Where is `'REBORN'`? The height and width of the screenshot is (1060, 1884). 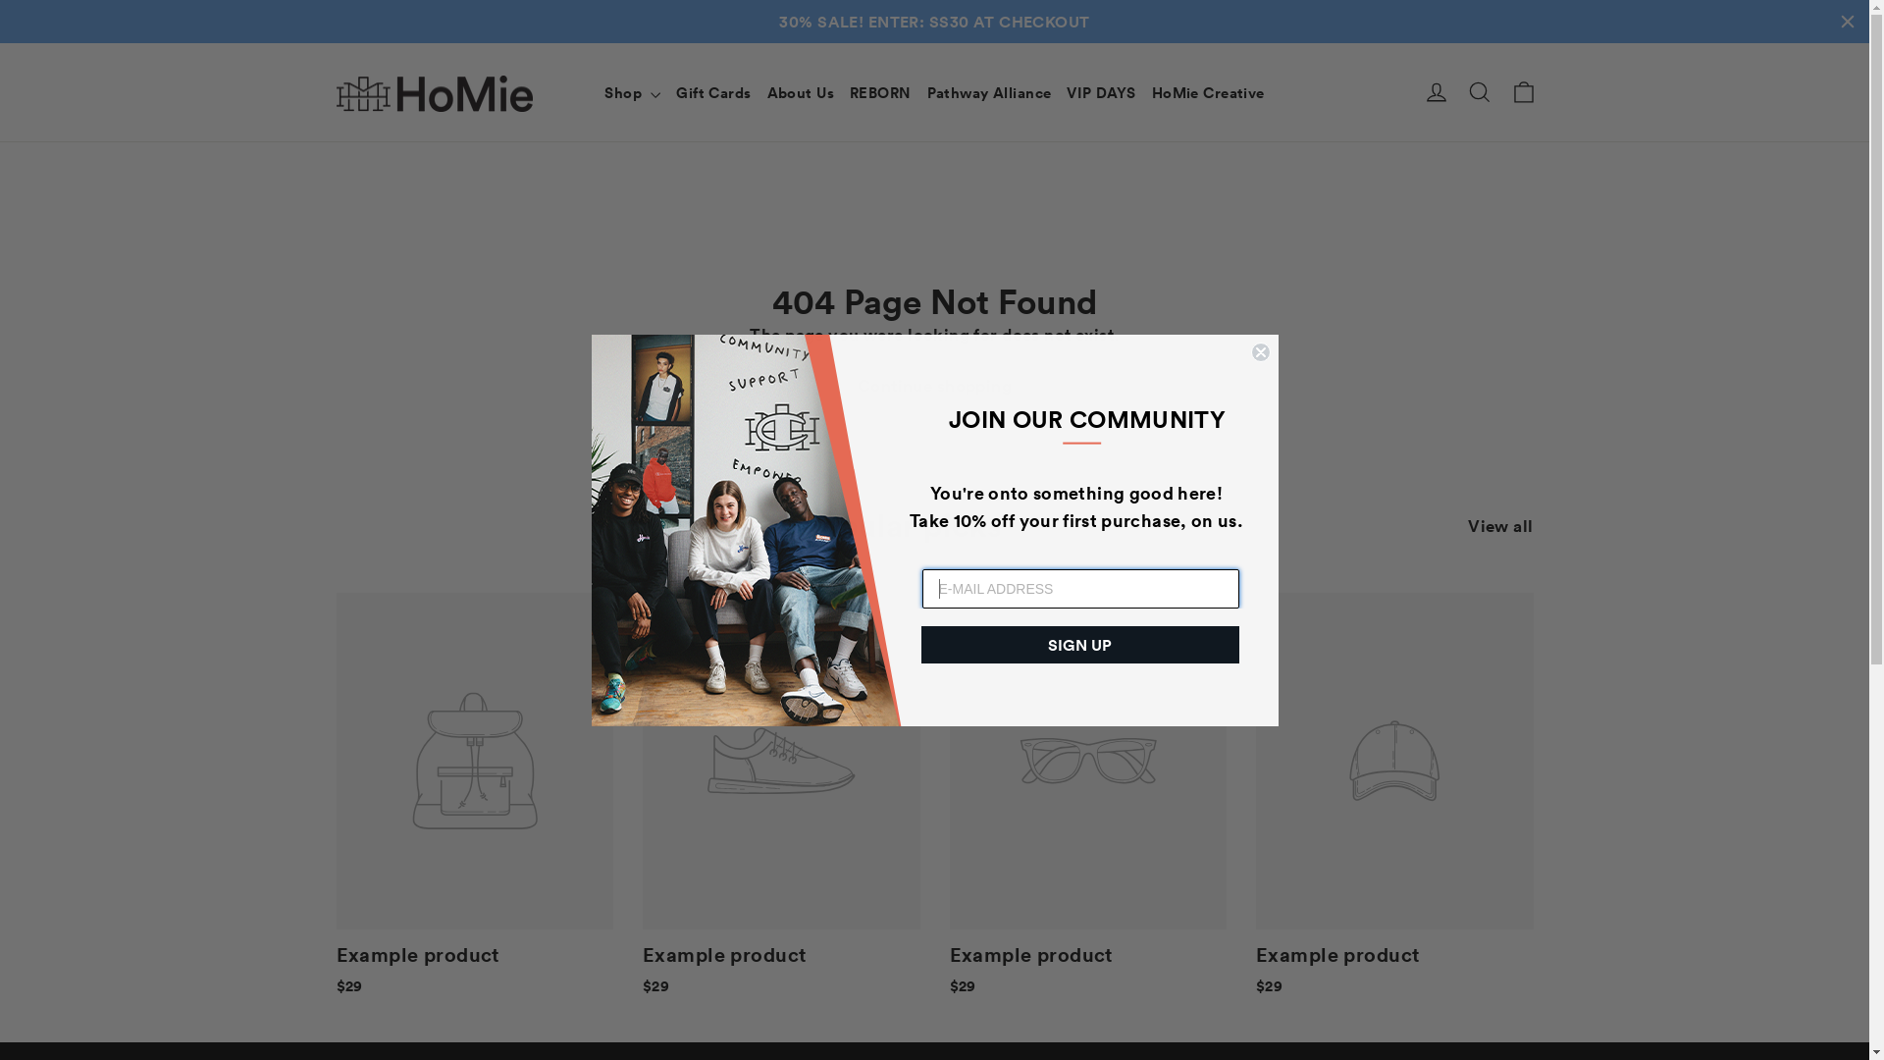 'REBORN' is located at coordinates (879, 48).